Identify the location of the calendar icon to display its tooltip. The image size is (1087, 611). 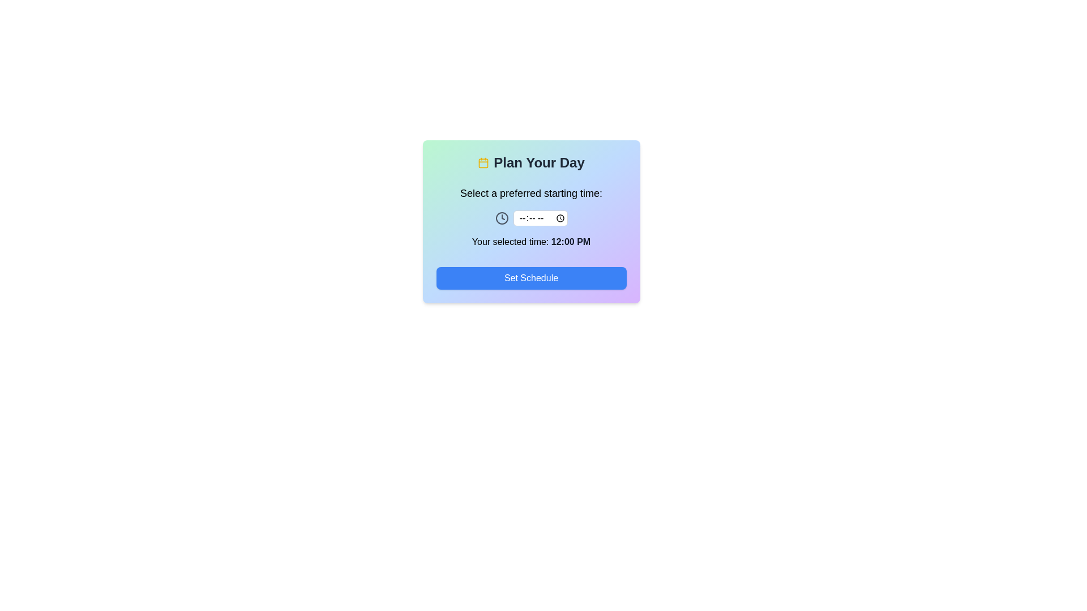
(483, 163).